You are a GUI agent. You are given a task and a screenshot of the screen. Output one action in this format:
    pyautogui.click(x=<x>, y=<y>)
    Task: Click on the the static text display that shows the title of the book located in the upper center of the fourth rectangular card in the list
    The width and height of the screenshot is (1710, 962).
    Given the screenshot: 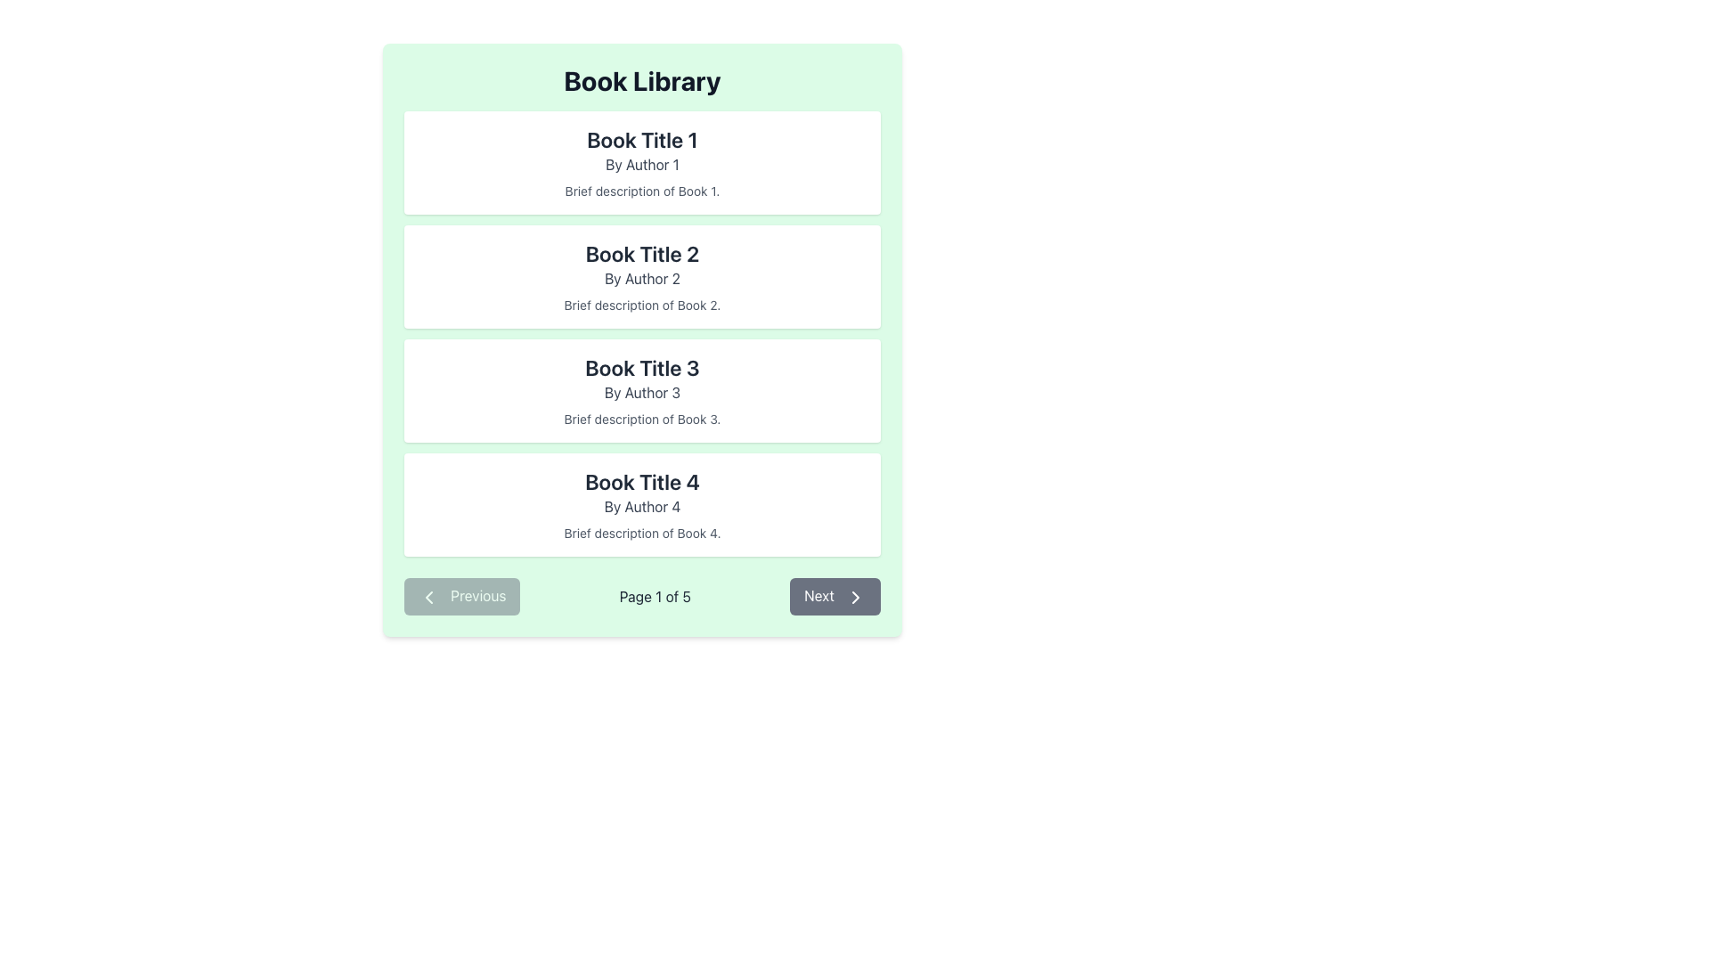 What is the action you would take?
    pyautogui.click(x=641, y=481)
    